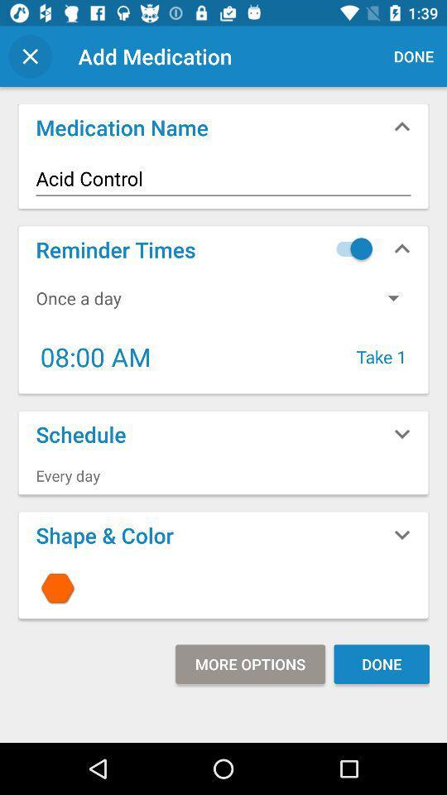  I want to click on the item above the more options, so click(223, 588).